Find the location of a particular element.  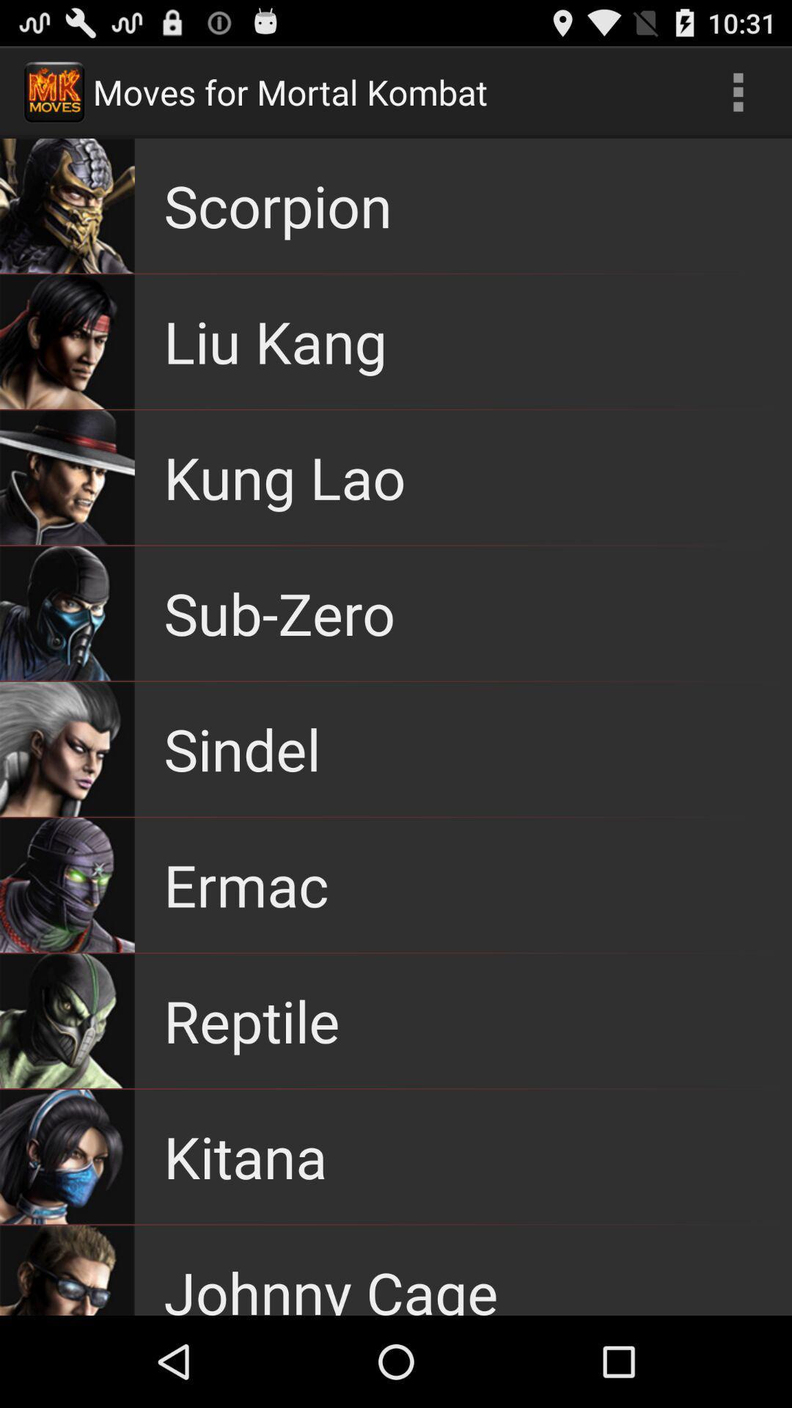

the scorpion is located at coordinates (278, 205).